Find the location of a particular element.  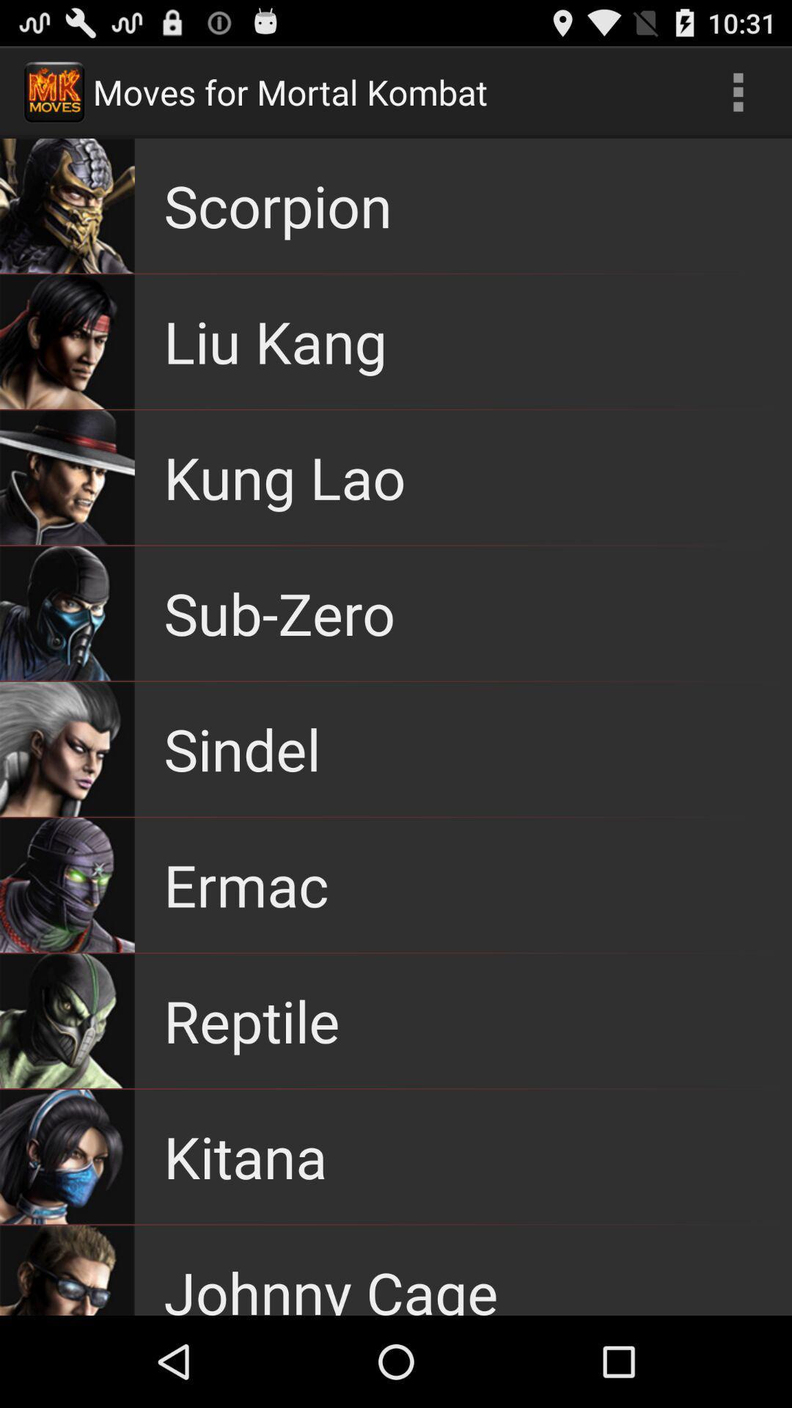

the scorpion is located at coordinates (278, 205).